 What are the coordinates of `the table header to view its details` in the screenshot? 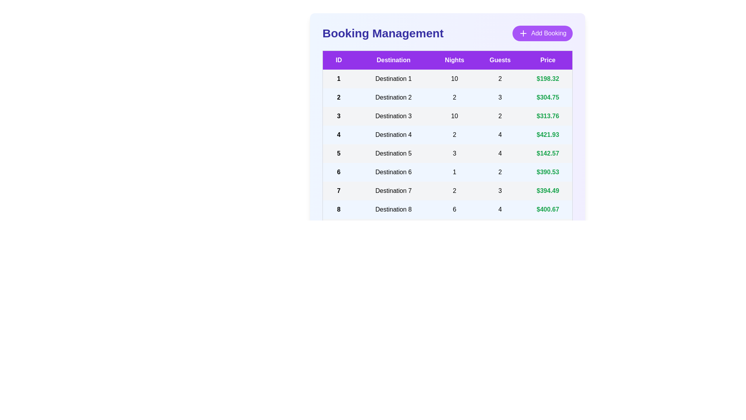 It's located at (448, 59).